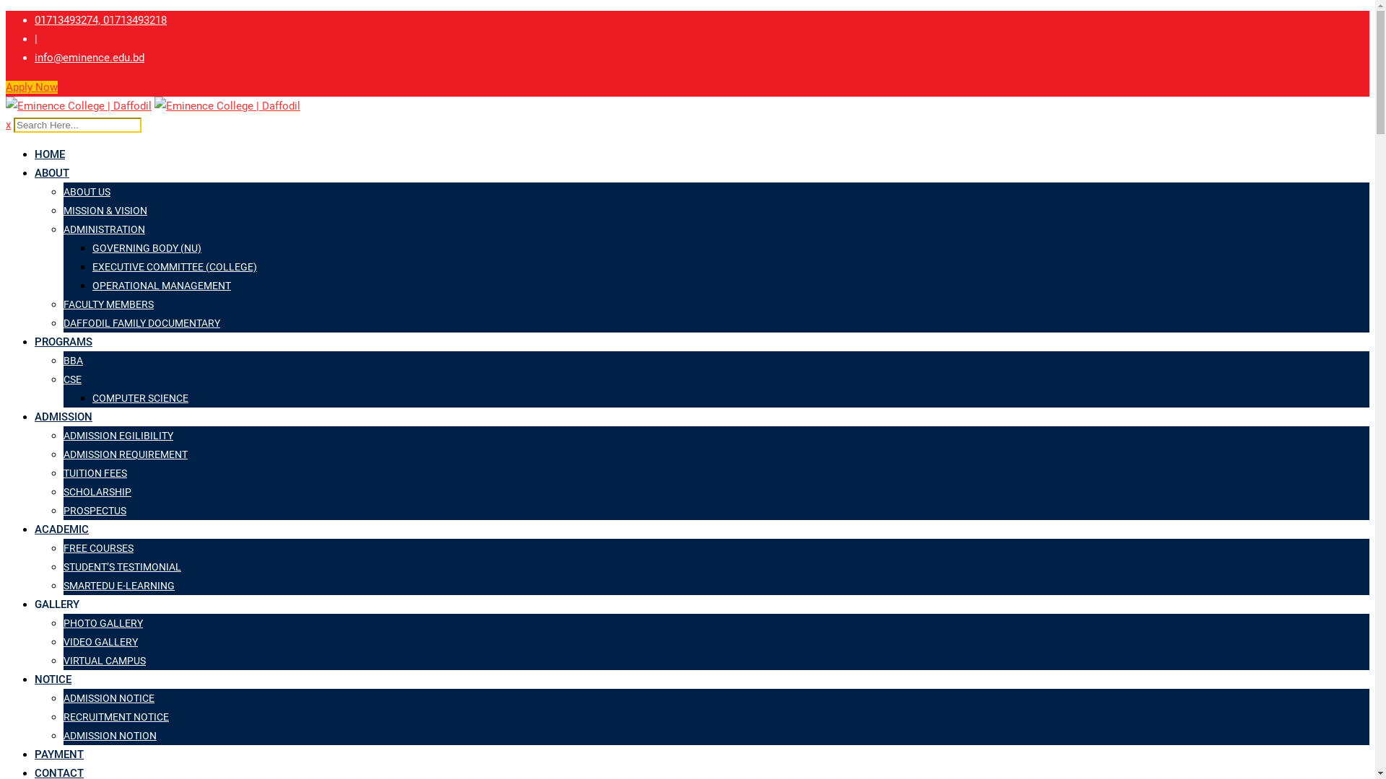 The height and width of the screenshot is (779, 1386). I want to click on 'Skip to content', so click(5, 10).